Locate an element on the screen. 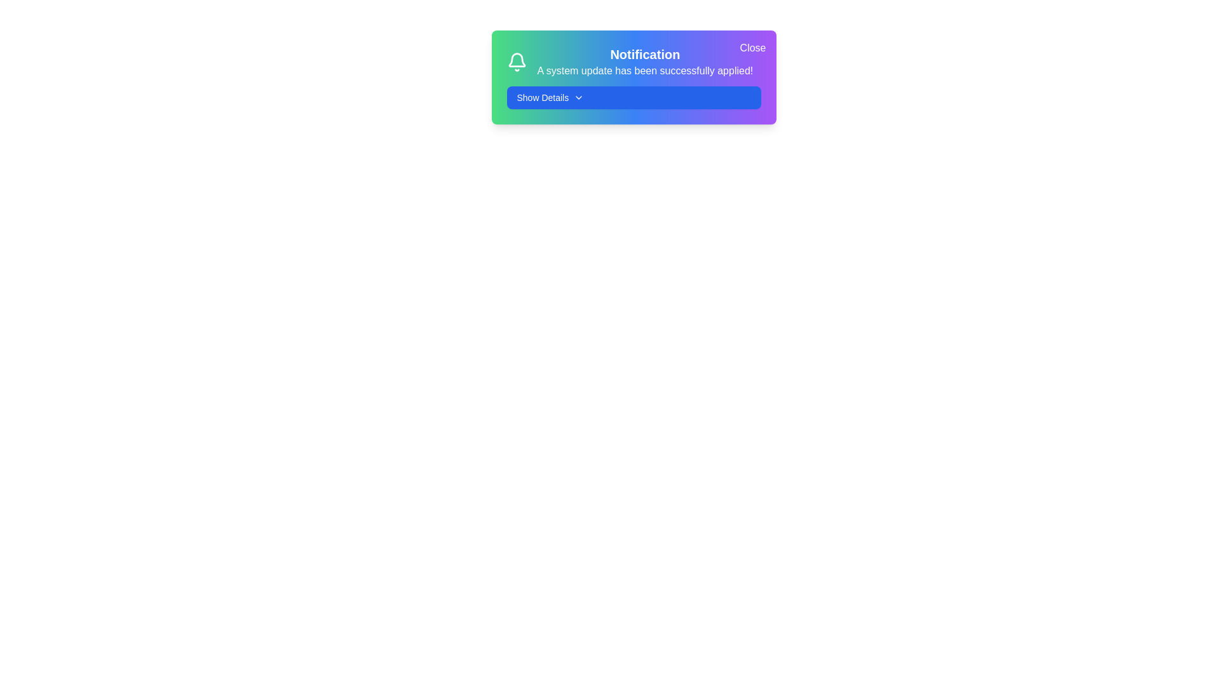 The height and width of the screenshot is (686, 1220). the 'Show Details' button to toggle additional information is located at coordinates (634, 97).